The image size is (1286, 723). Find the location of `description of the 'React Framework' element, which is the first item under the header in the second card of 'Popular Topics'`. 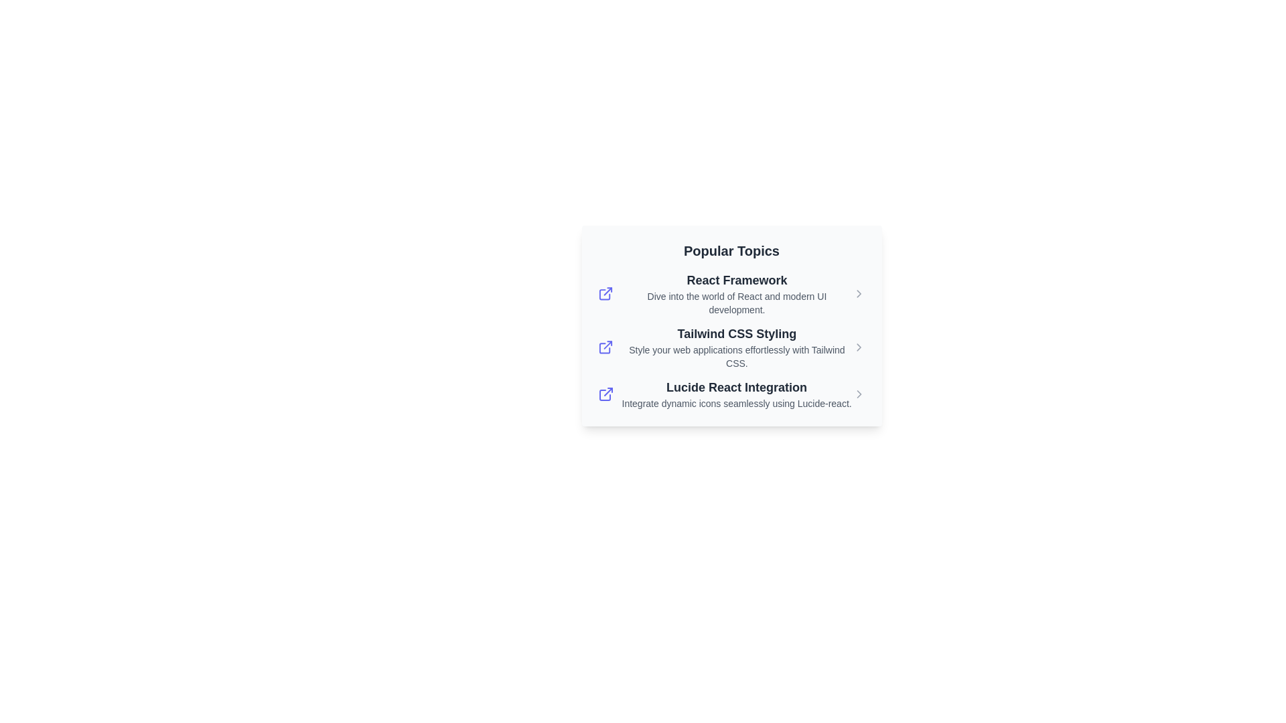

description of the 'React Framework' element, which is the first item under the header in the second card of 'Popular Topics' is located at coordinates (736, 293).